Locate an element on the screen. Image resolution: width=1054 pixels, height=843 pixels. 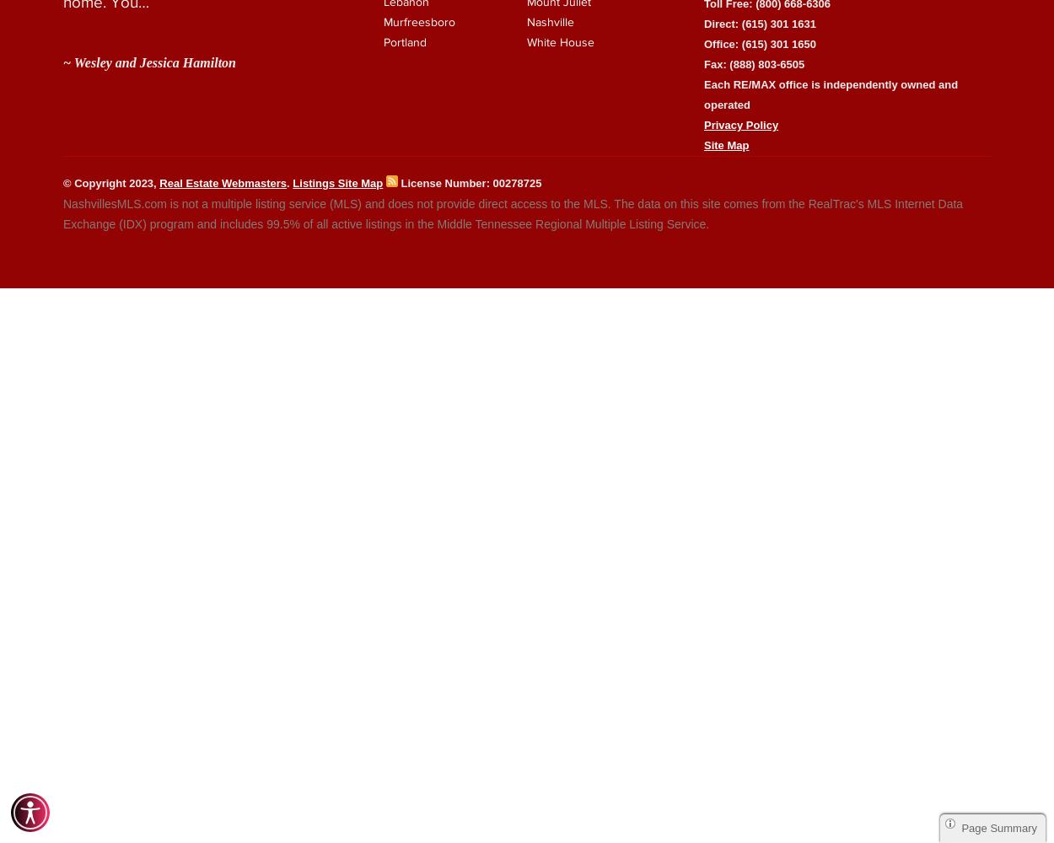
'(615) 301 1631' is located at coordinates (741, 23).